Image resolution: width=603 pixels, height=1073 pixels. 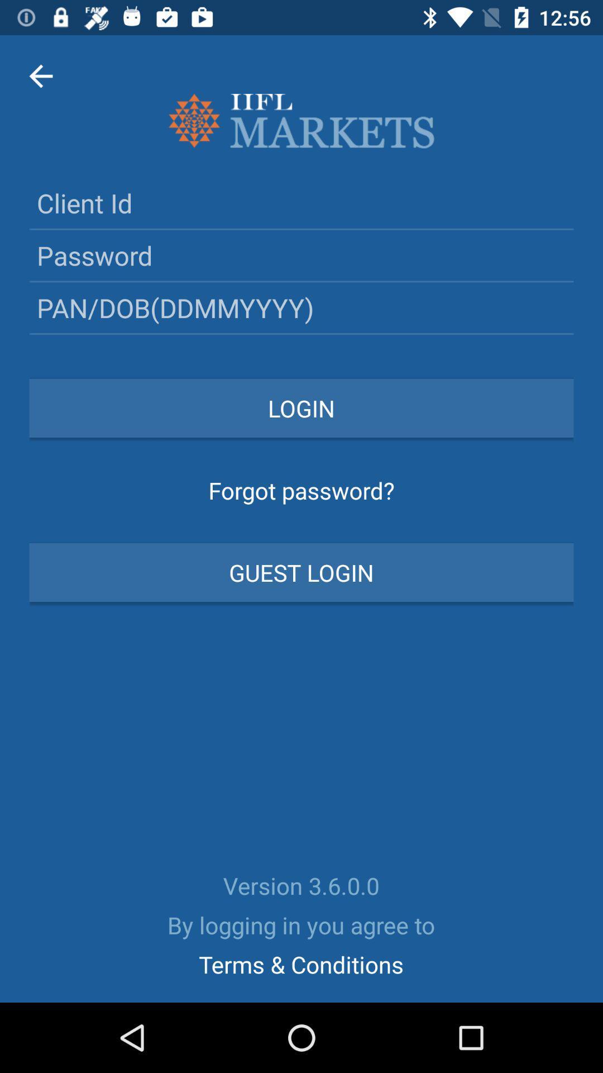 I want to click on the button guest login, so click(x=301, y=572).